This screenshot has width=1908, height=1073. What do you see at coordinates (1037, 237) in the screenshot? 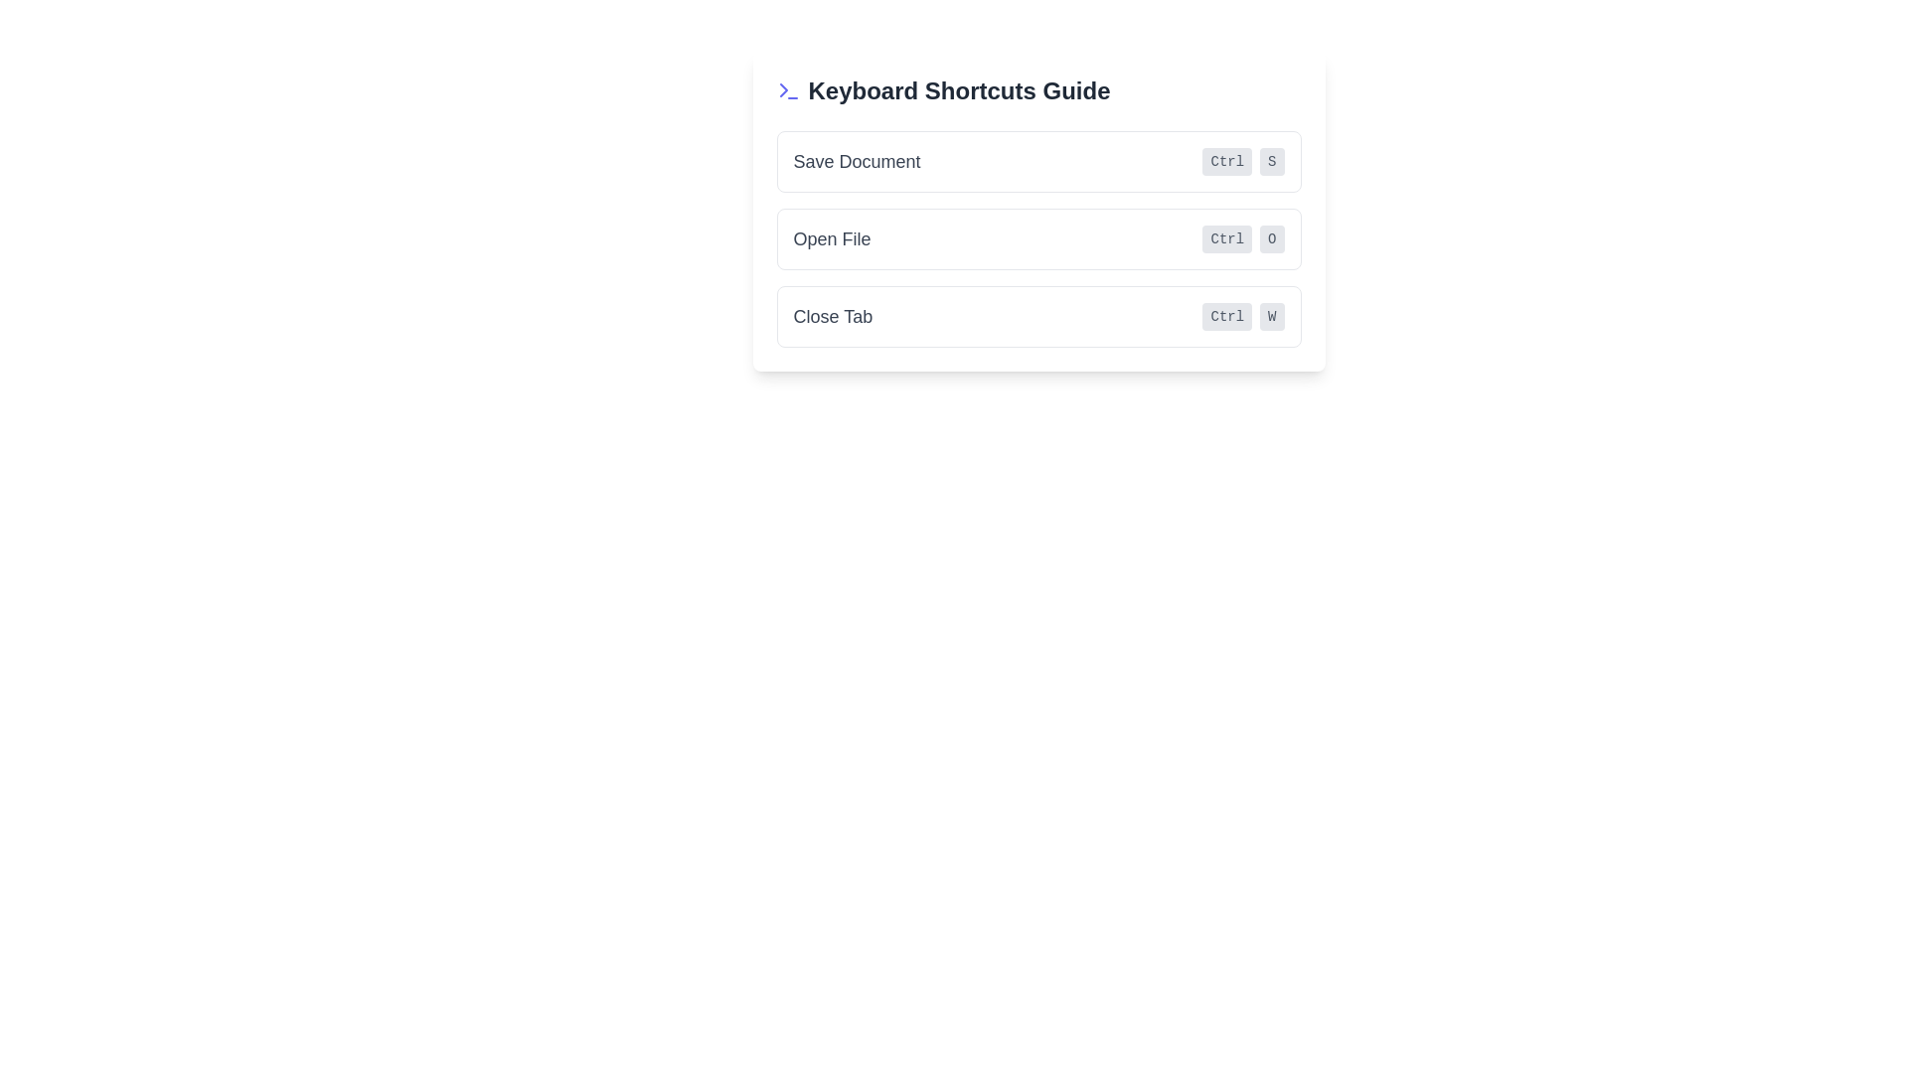
I see `the second list item in the 'Keyboard Shortcuts Guide' that indicates the 'Ctrl + O' combination opens a file` at bounding box center [1037, 237].